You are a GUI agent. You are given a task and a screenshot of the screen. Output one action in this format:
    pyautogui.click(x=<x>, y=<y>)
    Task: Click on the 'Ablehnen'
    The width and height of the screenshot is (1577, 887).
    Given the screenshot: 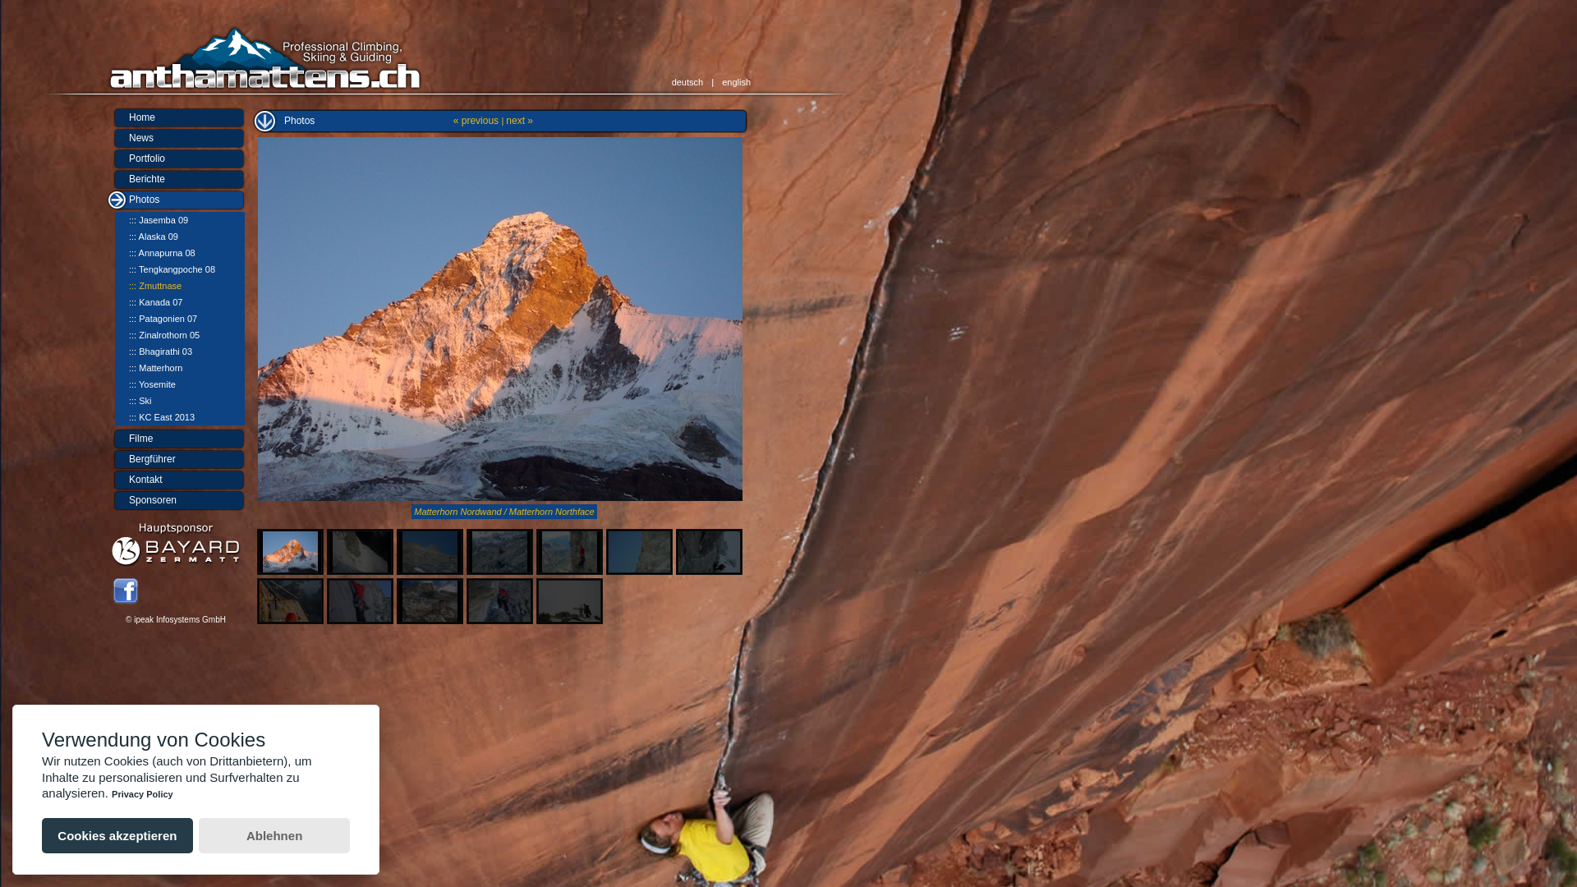 What is the action you would take?
    pyautogui.click(x=274, y=835)
    